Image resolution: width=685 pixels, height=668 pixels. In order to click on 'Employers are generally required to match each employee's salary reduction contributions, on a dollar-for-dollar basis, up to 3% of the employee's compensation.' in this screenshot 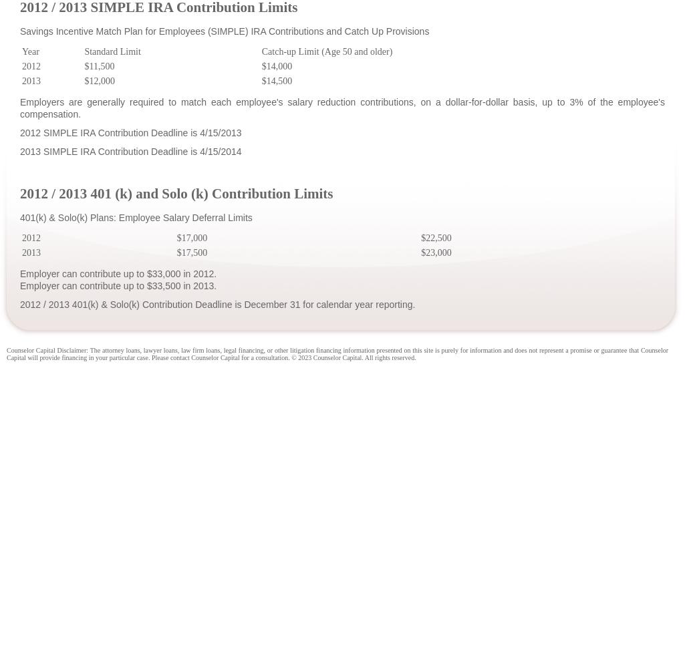, I will do `click(342, 108)`.